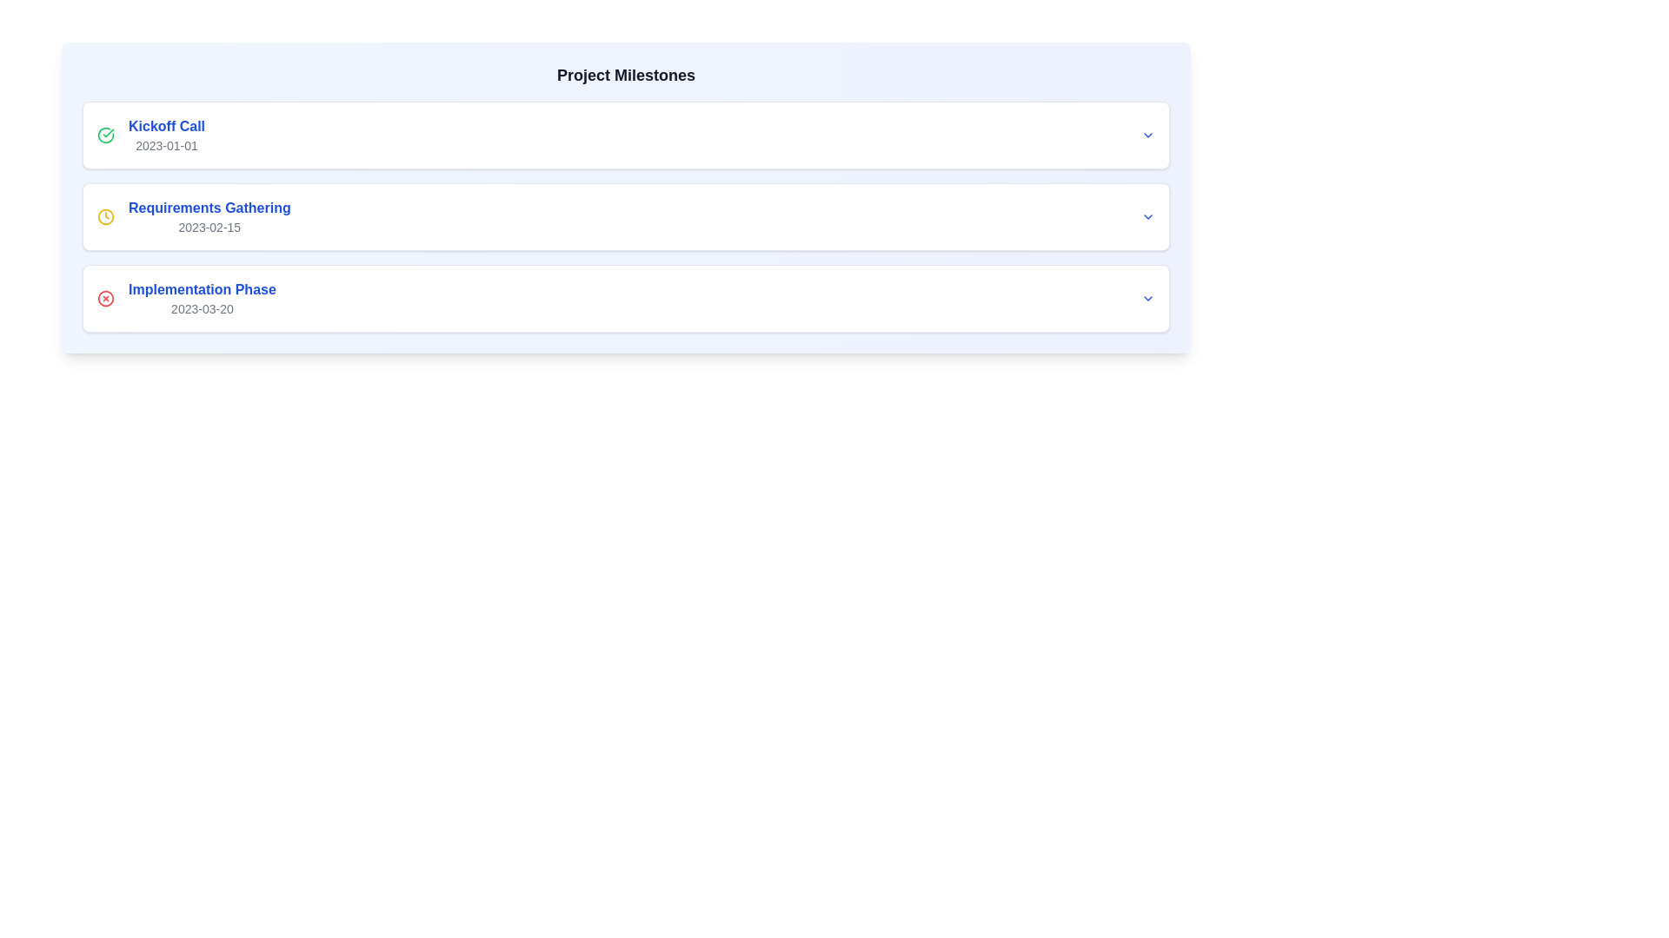 This screenshot has height=938, width=1669. I want to click on date displayed in the text label showing '2023-03-20' which is located below the 'Implementation Phase' text in the project milestones list, so click(202, 307).